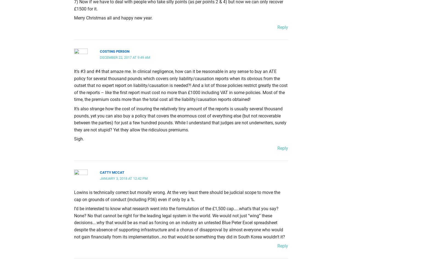 Image resolution: width=439 pixels, height=259 pixels. I want to click on 'It’s #3 and #4 that amaze me. In clinical negligence, how can it be reasonable in any sense to buy an ATE policy for several thousand pounds which covers only liability/causation reports when its obvious from the outset that no expert report on liability/causation is needed?! And a lot of those policies restrict greatly the cost of the reports – like the first report must cost no more than £1000 including VAT in some policies. Most of the time, the premium costs more than the total cost all the liability/causation reports obtained!', so click(181, 85).